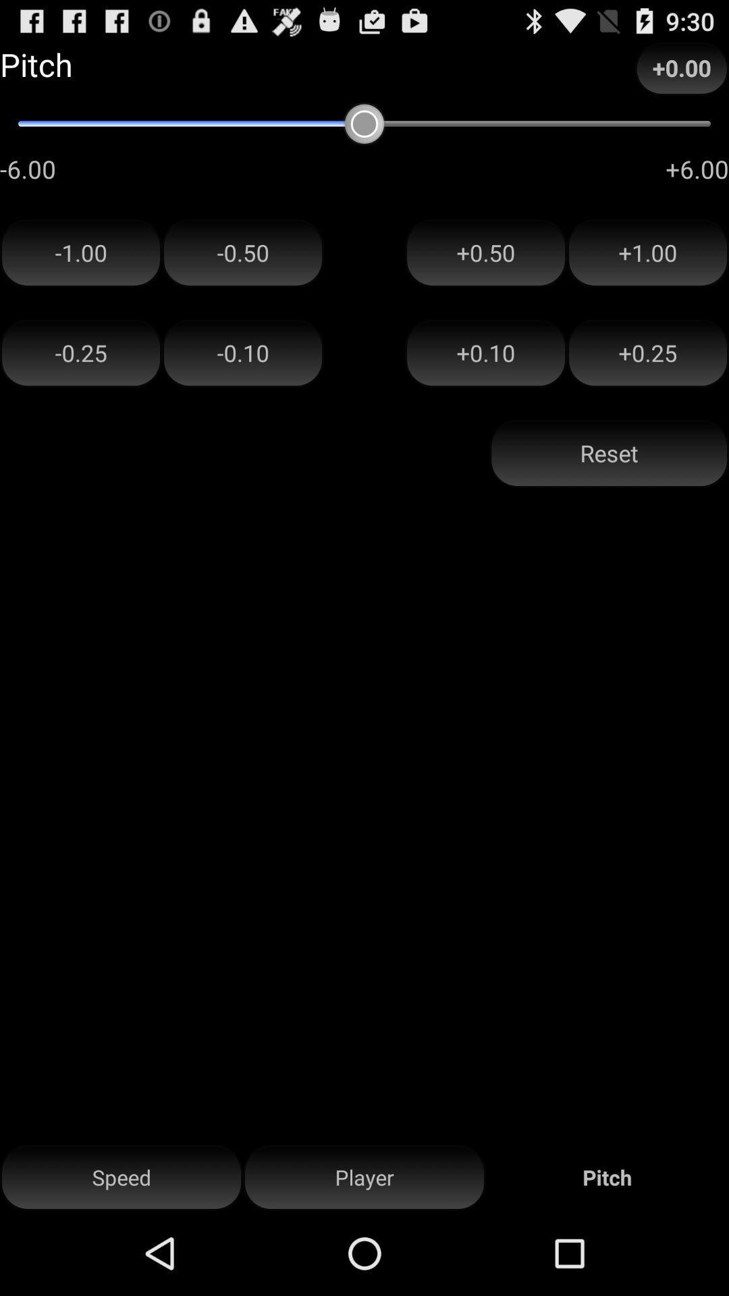 The height and width of the screenshot is (1296, 729). Describe the element at coordinates (122, 1177) in the screenshot. I see `button at the bottom left corner` at that location.